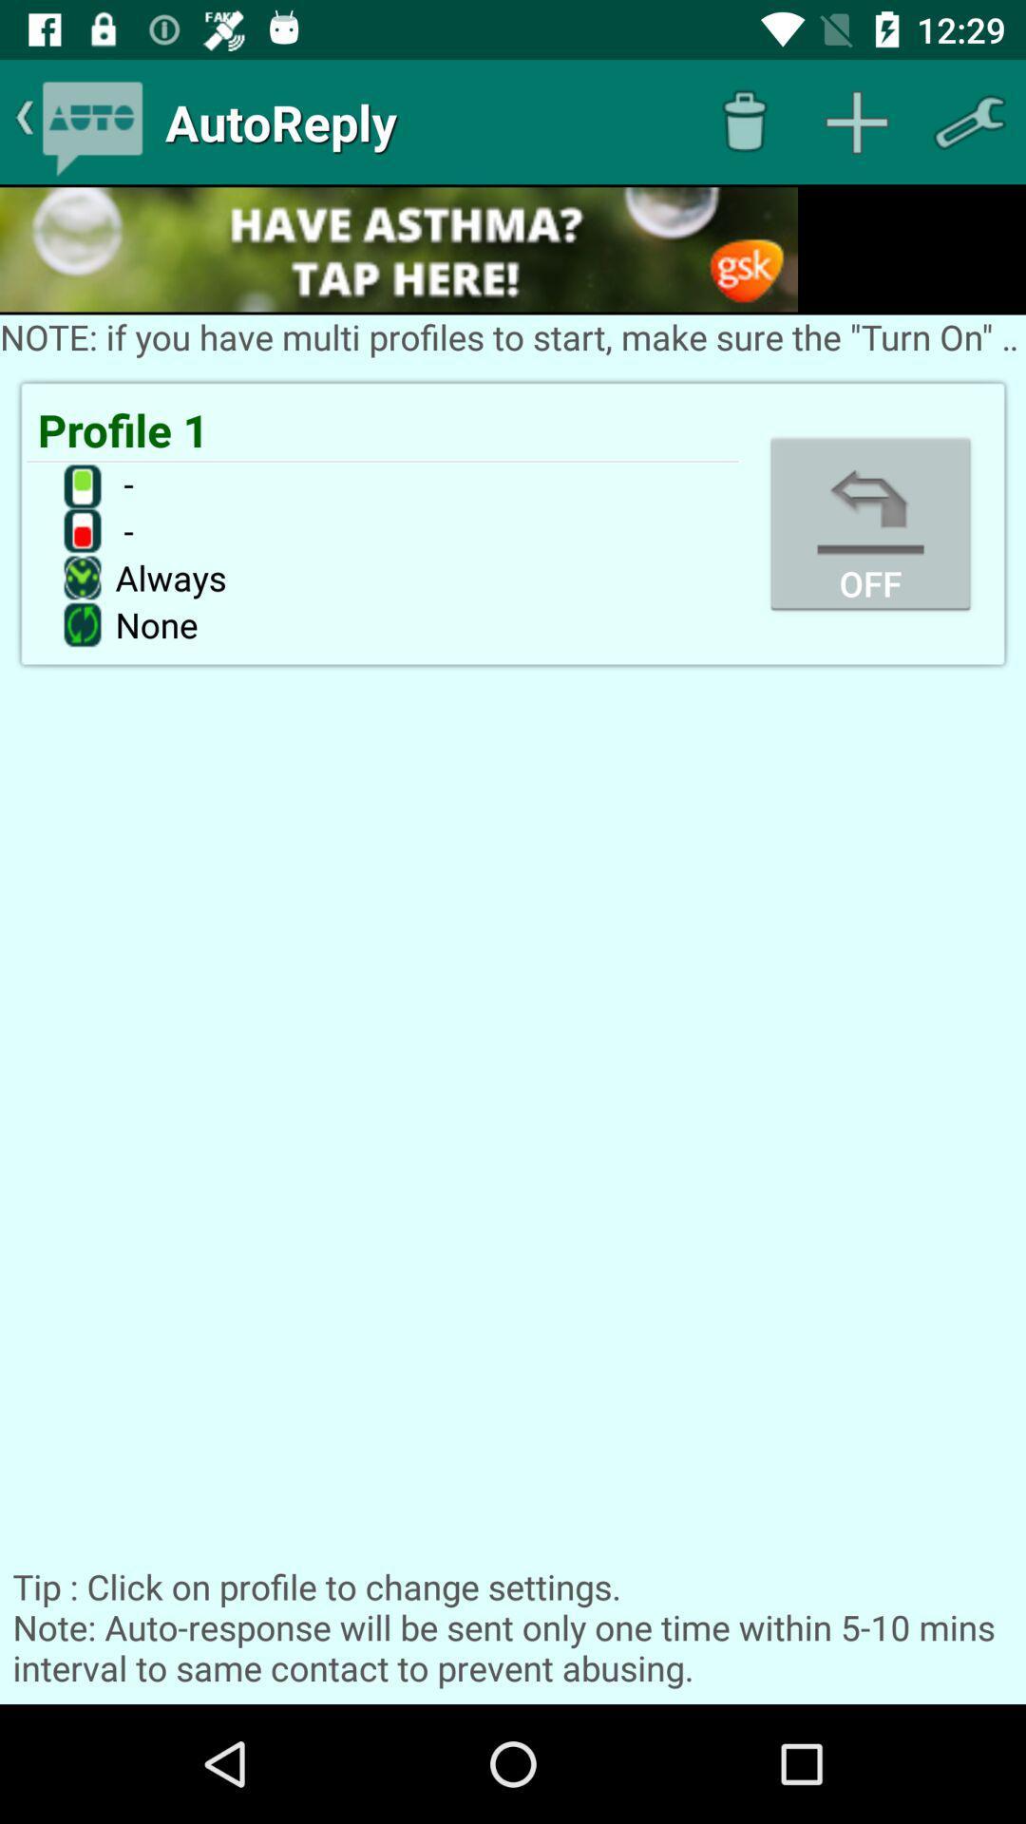  Describe the element at coordinates (743, 121) in the screenshot. I see `the delete icon` at that location.